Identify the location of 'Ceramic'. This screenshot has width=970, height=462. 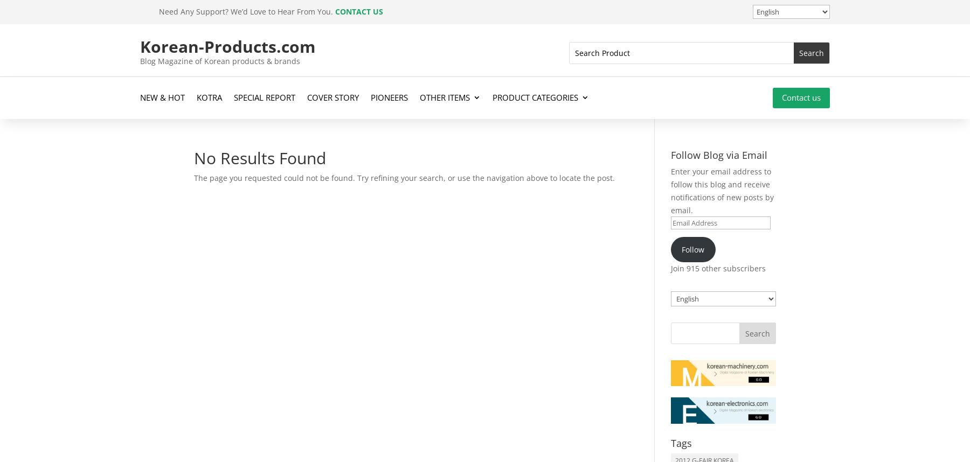
(508, 149).